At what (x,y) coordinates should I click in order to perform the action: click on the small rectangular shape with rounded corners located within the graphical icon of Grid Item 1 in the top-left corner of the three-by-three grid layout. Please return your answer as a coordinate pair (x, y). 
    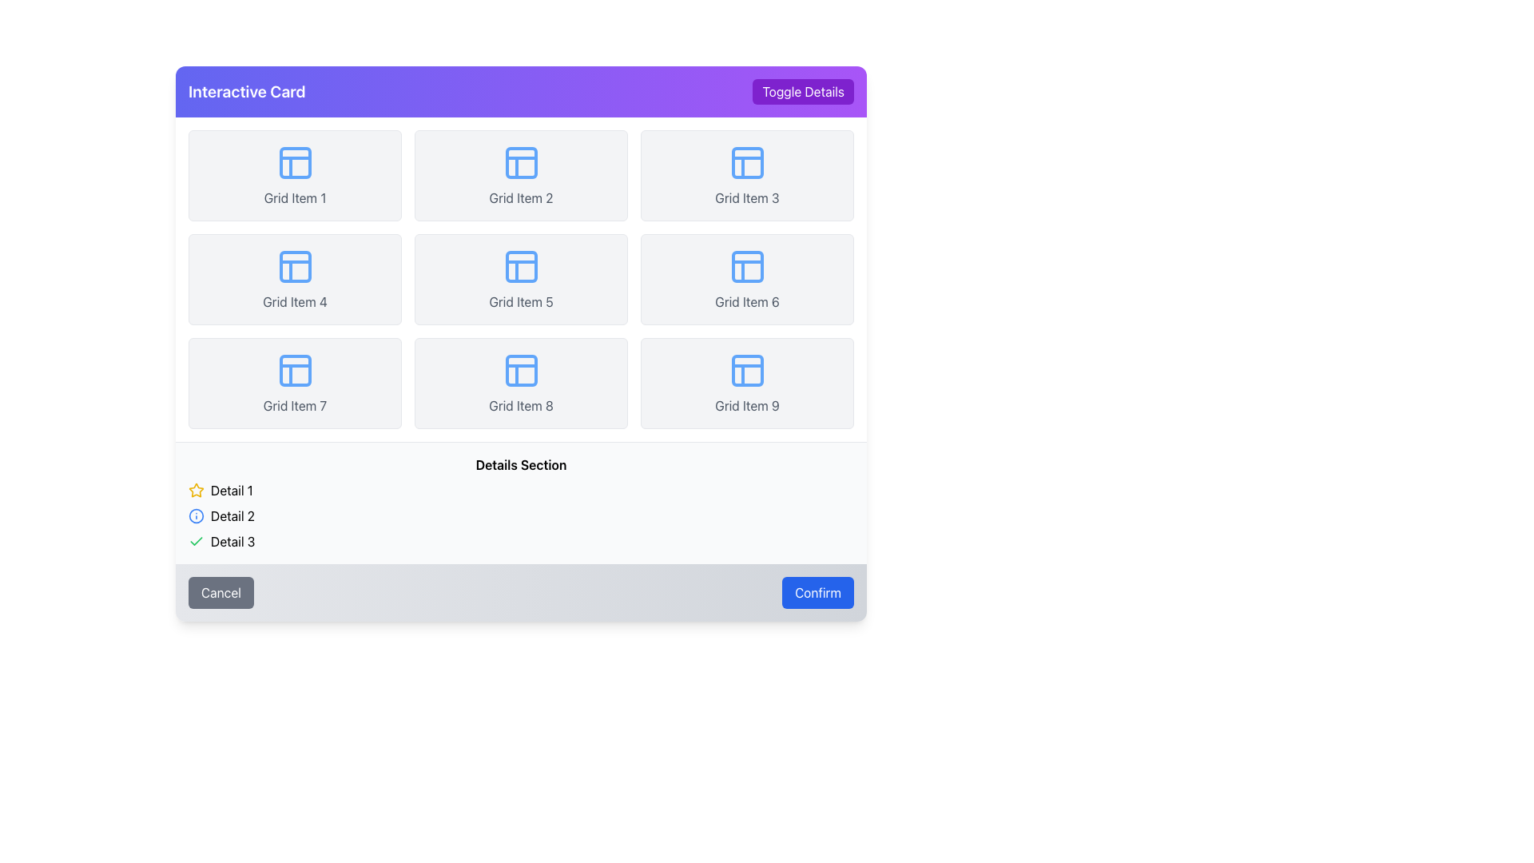
    Looking at the image, I should click on (295, 163).